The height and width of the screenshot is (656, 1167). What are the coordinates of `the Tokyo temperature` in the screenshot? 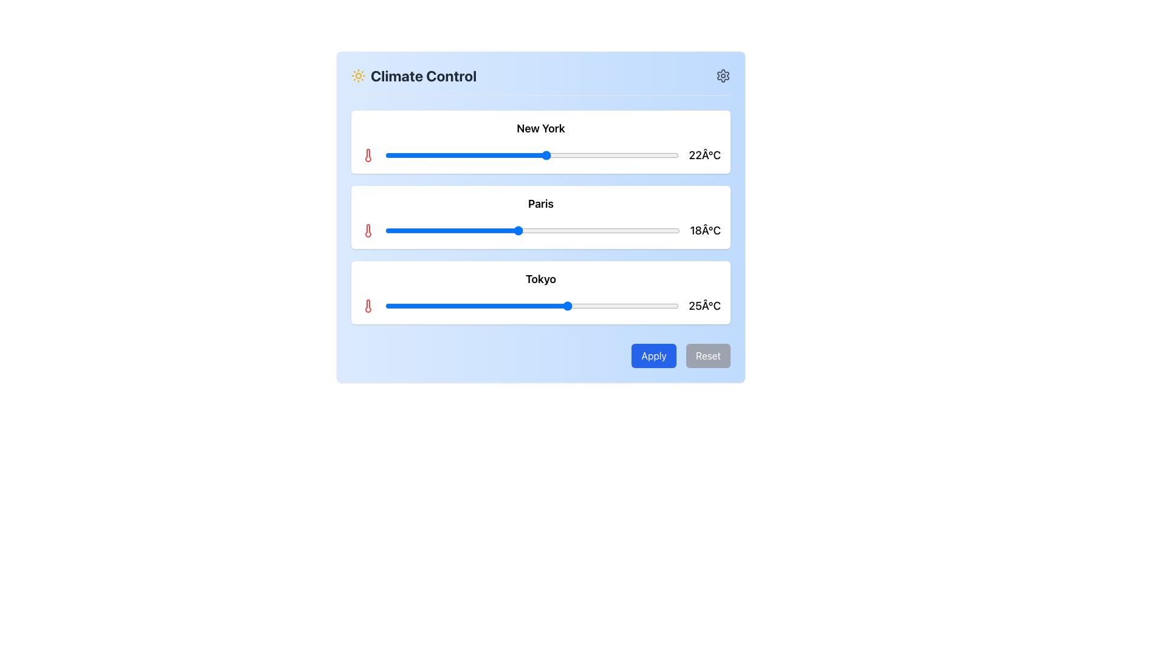 It's located at (605, 306).